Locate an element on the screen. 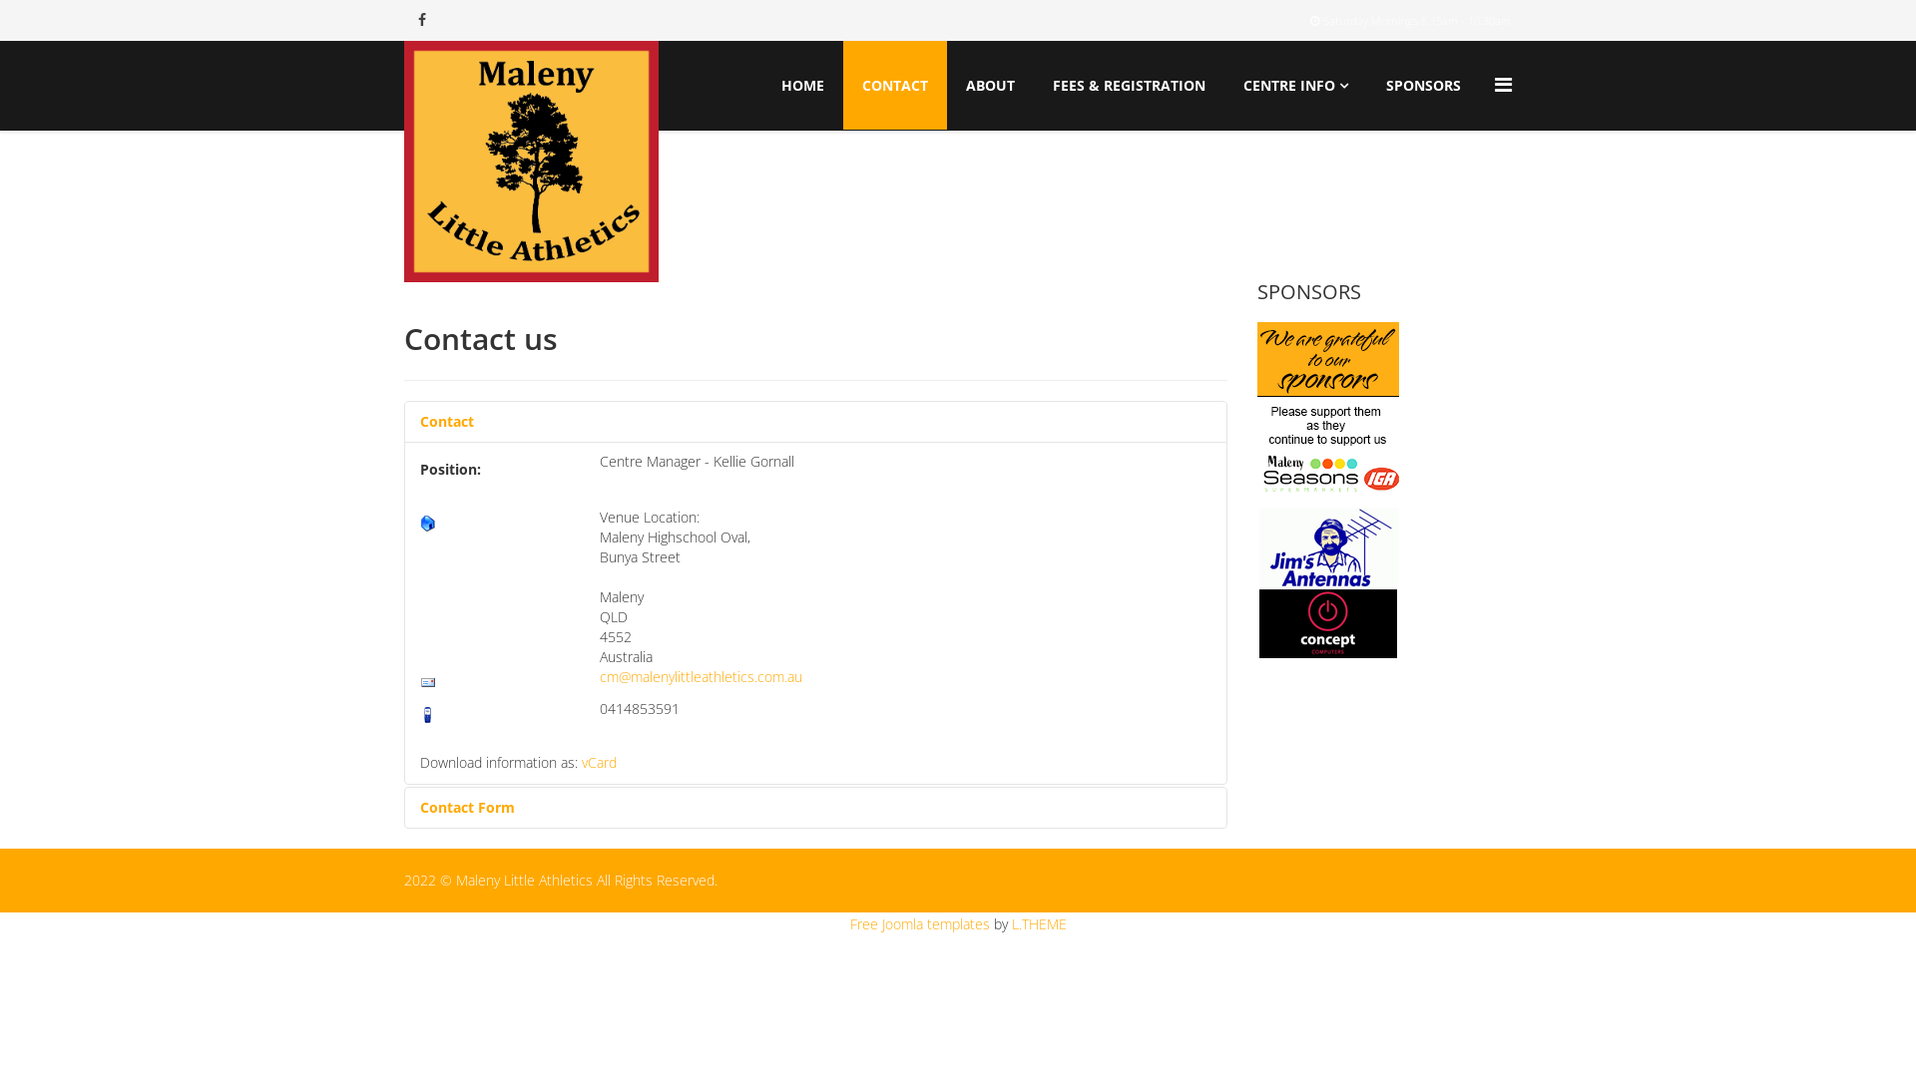 The height and width of the screenshot is (1077, 1916). 'FEES & REGISTRATION' is located at coordinates (1129, 84).